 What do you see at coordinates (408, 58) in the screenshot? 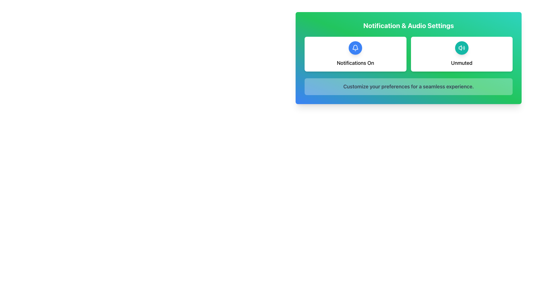
I see `information displayed in the Header section titled 'Notification & Audio Settings', which contains two blocks labeled 'Notifications On' and 'Unmuted', and a descriptive text bar below them` at bounding box center [408, 58].